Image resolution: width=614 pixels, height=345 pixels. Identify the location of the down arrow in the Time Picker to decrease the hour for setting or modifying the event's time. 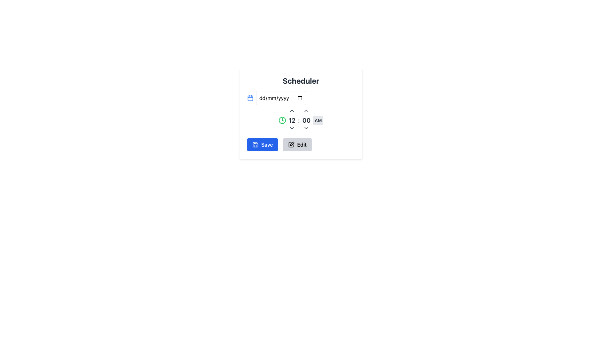
(300, 120).